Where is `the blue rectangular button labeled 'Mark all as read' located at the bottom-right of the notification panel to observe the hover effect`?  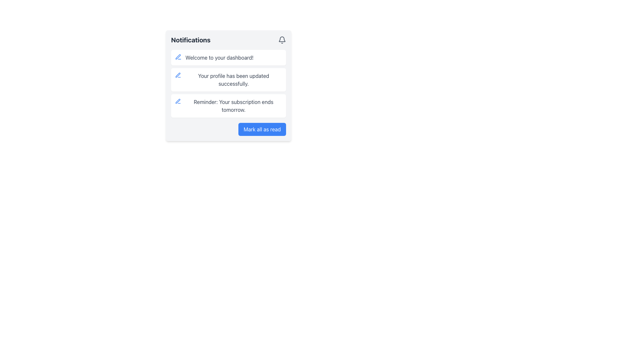 the blue rectangular button labeled 'Mark all as read' located at the bottom-right of the notification panel to observe the hover effect is located at coordinates (262, 129).